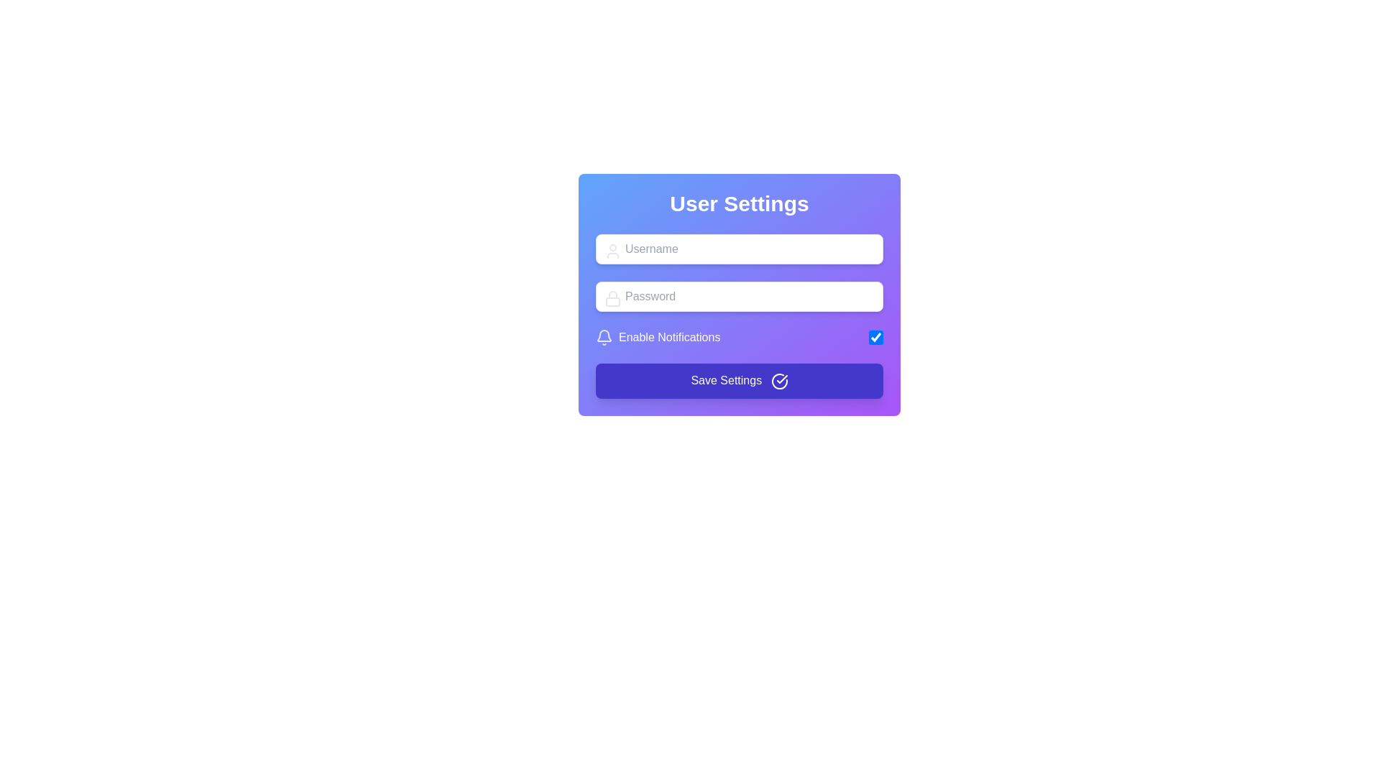 Image resolution: width=1380 pixels, height=776 pixels. Describe the element at coordinates (739, 295) in the screenshot. I see `the Password input field to focus on it for entering the password securely` at that location.